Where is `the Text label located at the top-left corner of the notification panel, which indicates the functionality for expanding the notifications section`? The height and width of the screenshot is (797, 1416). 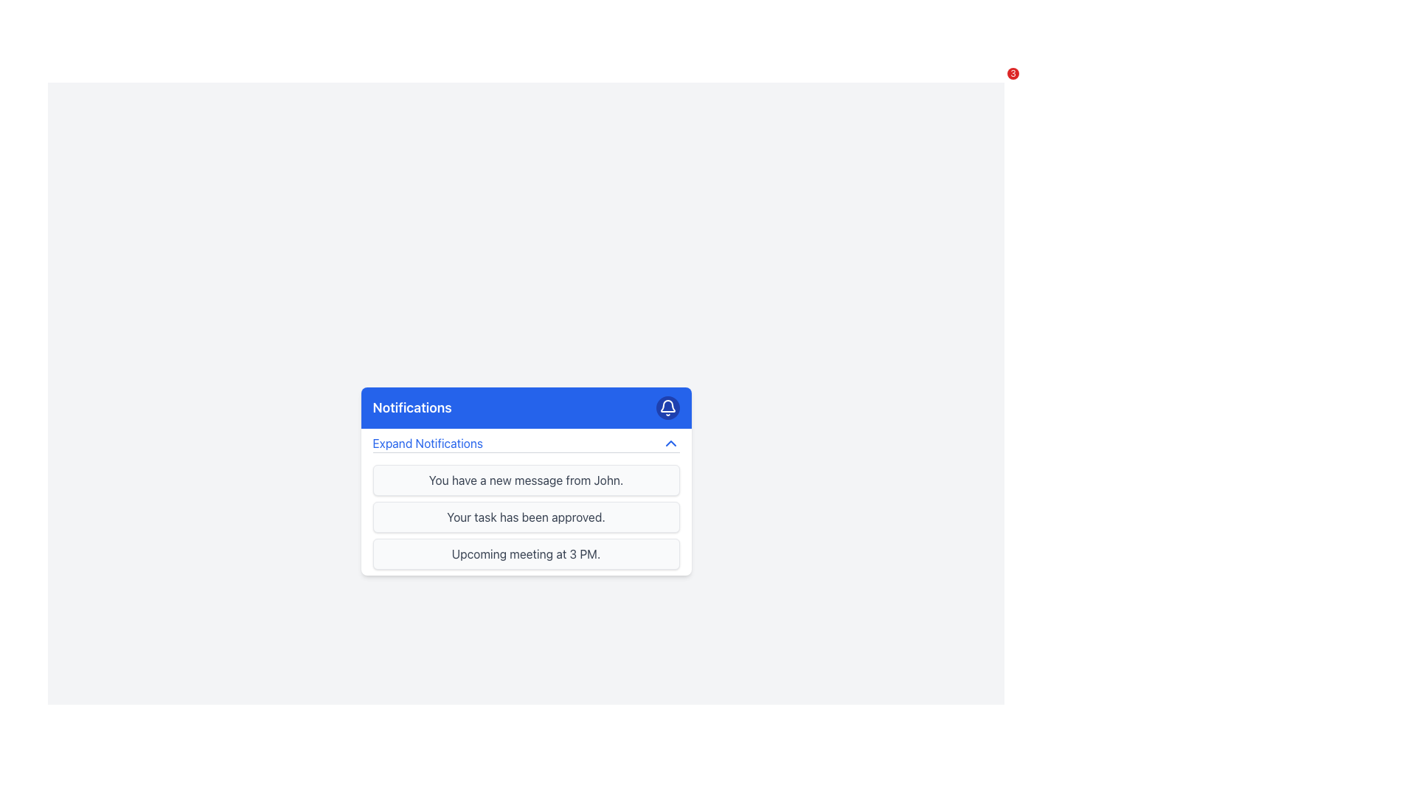 the Text label located at the top-left corner of the notification panel, which indicates the functionality for expanding the notifications section is located at coordinates (427, 442).